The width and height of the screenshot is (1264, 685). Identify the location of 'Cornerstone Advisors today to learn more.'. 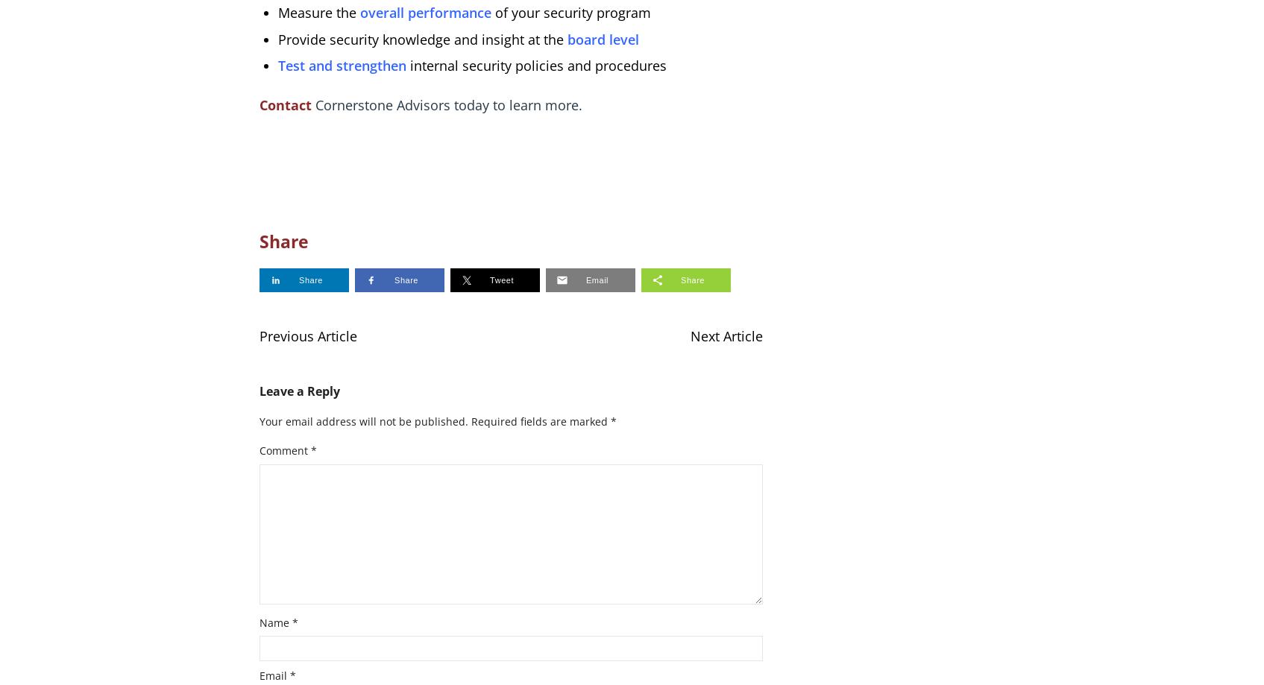
(445, 104).